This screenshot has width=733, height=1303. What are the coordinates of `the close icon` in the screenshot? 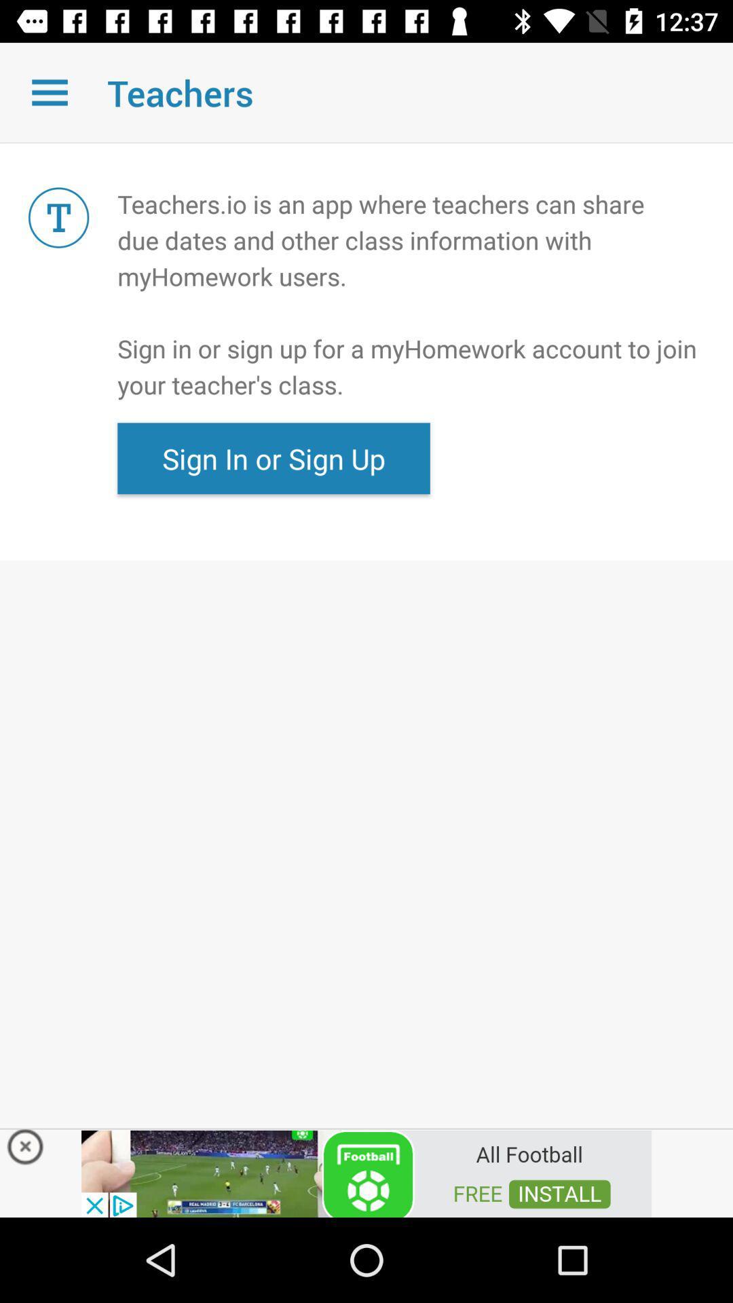 It's located at (25, 1150).